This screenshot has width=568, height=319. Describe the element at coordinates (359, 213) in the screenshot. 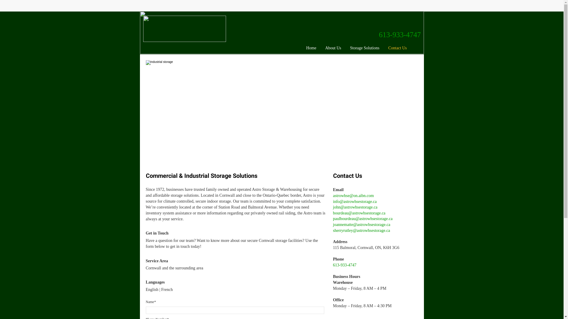

I see `'bourdeau@astrowhsestorage.ca'` at that location.